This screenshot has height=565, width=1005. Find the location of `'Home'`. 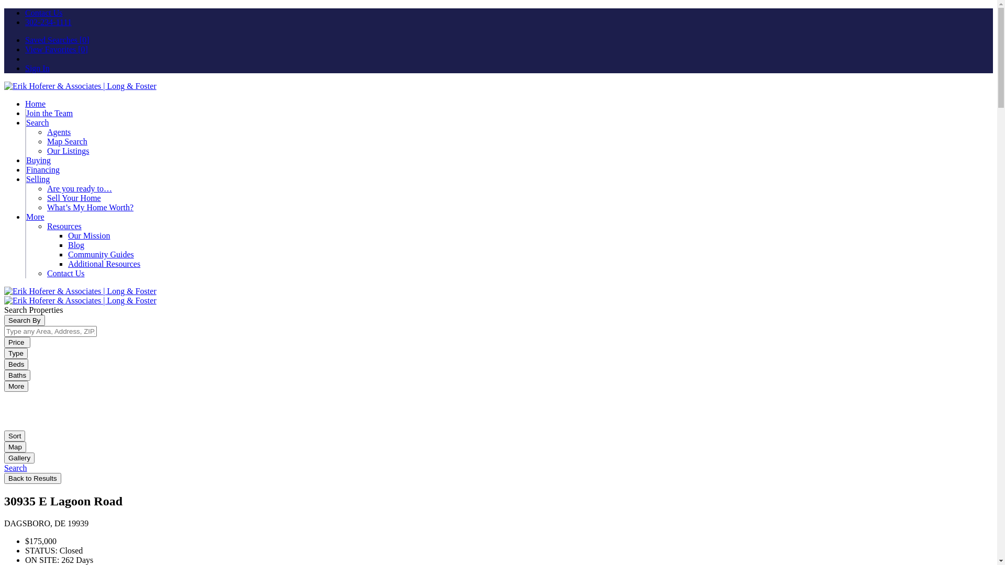

'Home' is located at coordinates (25, 104).